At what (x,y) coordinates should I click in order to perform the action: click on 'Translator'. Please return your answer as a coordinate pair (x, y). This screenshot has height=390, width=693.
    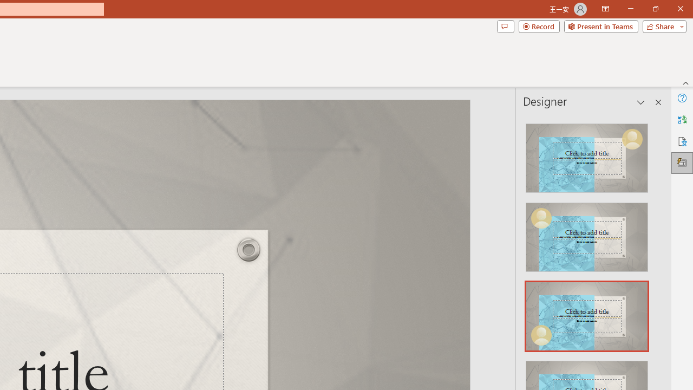
    Looking at the image, I should click on (682, 120).